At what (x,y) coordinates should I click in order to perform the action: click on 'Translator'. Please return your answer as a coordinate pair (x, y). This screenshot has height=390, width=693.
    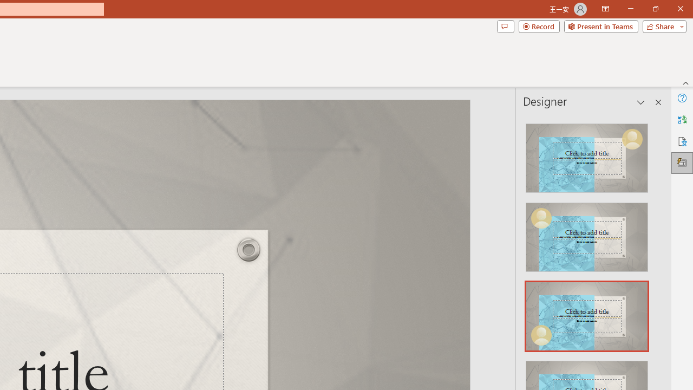
    Looking at the image, I should click on (682, 120).